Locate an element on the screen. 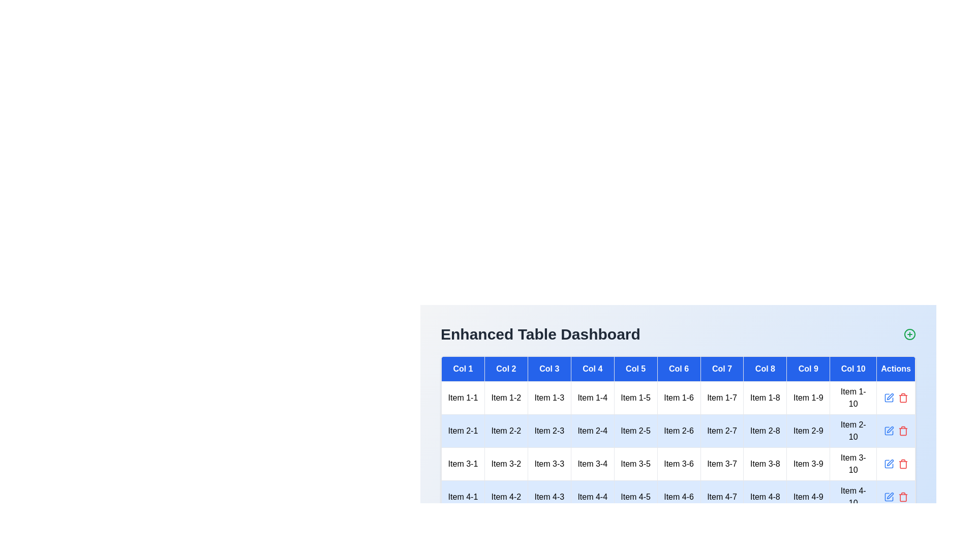 This screenshot has height=549, width=976. the green plus button at the top-right corner to add a new row is located at coordinates (910, 334).